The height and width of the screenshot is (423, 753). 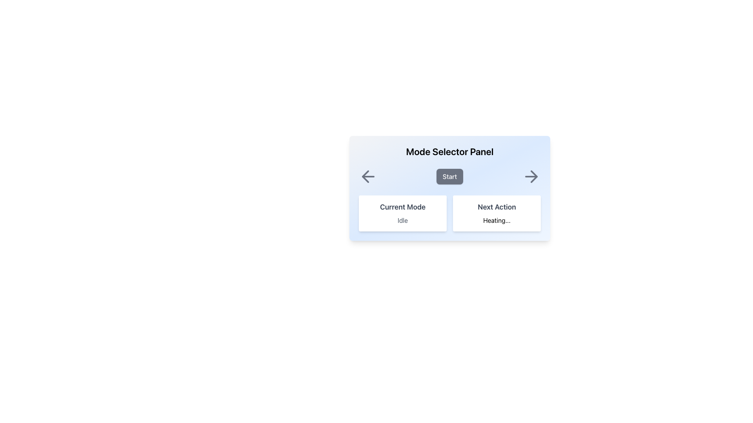 What do you see at coordinates (531, 177) in the screenshot?
I see `the rightward-pointing gray arrow icon located in the Mode Selector Panel, which is positioned to the right of the 'Start' button` at bounding box center [531, 177].